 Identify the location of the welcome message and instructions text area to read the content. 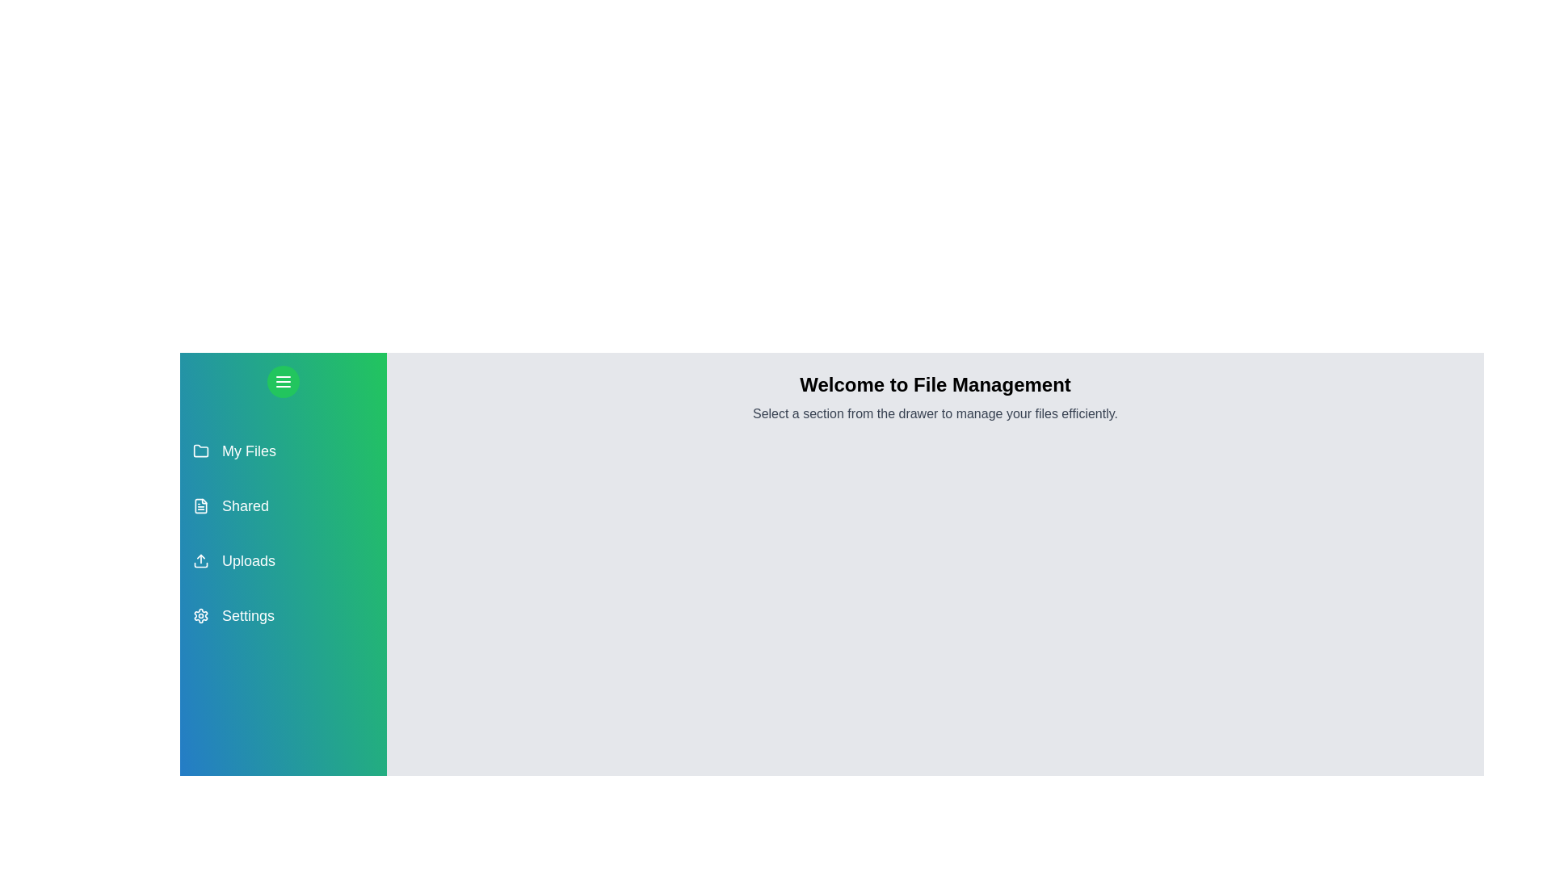
(935, 385).